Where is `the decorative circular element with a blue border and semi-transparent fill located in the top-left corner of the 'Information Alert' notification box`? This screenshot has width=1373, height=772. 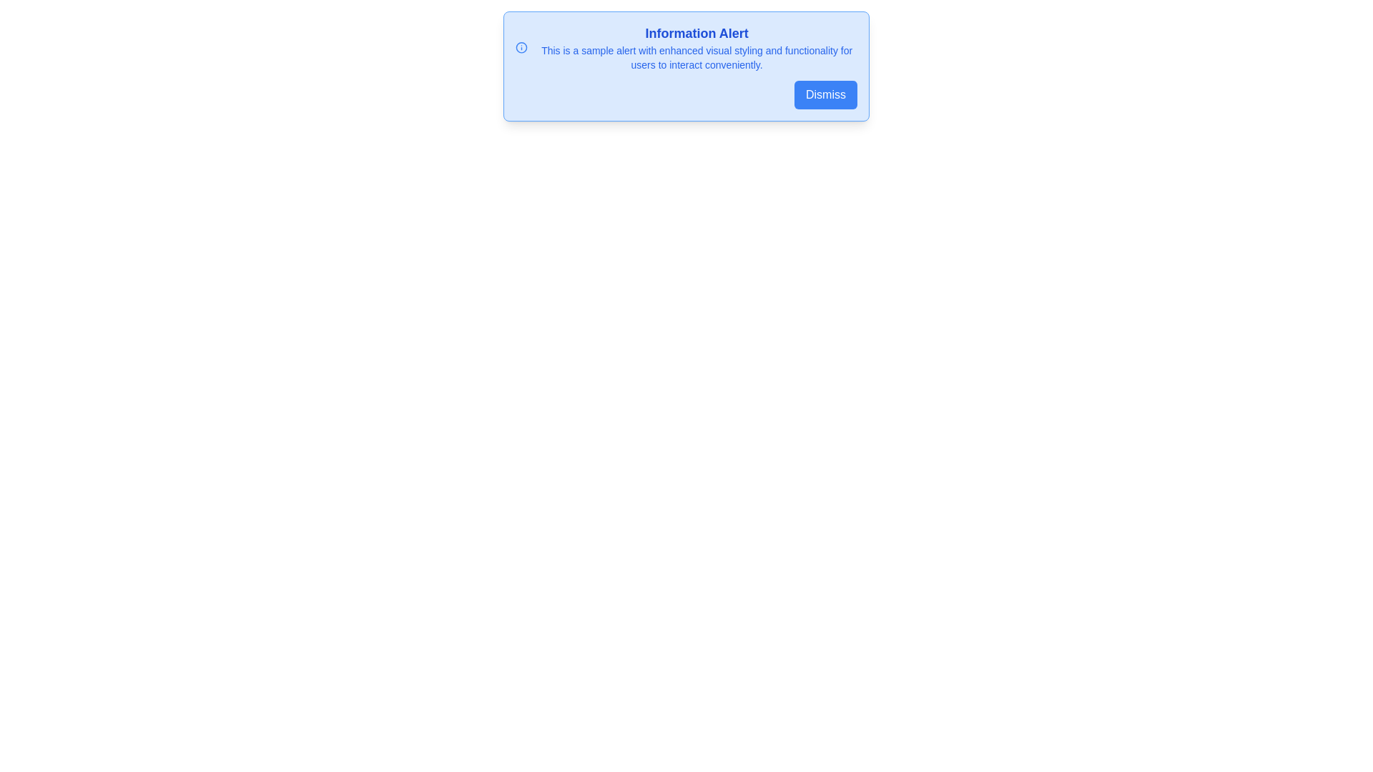 the decorative circular element with a blue border and semi-transparent fill located in the top-left corner of the 'Information Alert' notification box is located at coordinates (521, 46).